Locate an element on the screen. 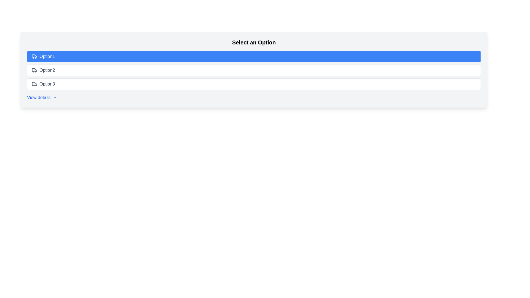 The height and width of the screenshot is (298, 530). the radio button labeled 'Option3' is located at coordinates (254, 84).